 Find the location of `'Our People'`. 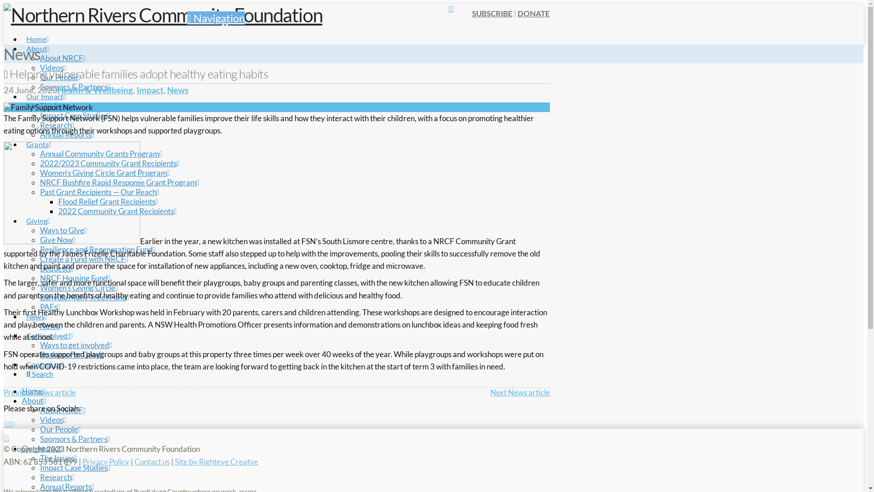

'Our People' is located at coordinates (39, 429).